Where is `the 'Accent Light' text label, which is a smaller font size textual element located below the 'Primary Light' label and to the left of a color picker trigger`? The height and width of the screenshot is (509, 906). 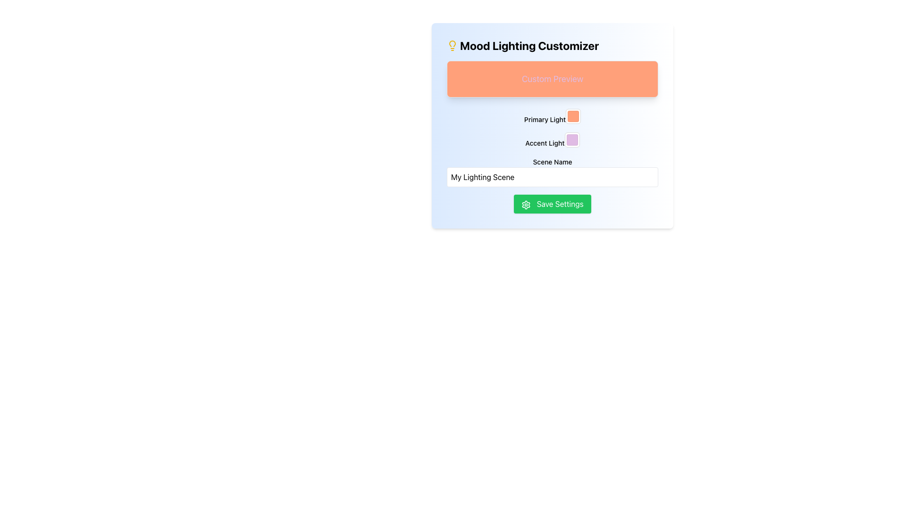 the 'Accent Light' text label, which is a smaller font size textual element located below the 'Primary Light' label and to the left of a color picker trigger is located at coordinates (545, 143).